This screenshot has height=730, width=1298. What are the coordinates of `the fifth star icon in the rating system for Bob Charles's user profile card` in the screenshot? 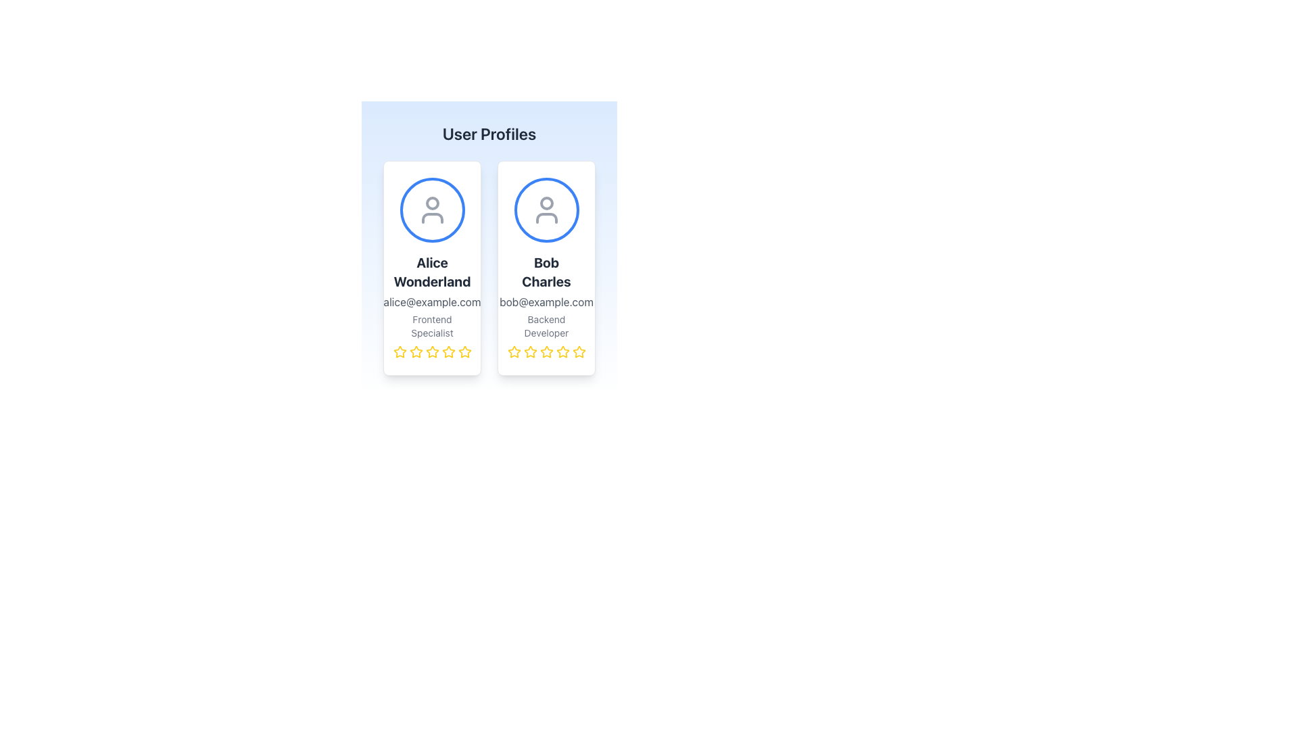 It's located at (579, 351).